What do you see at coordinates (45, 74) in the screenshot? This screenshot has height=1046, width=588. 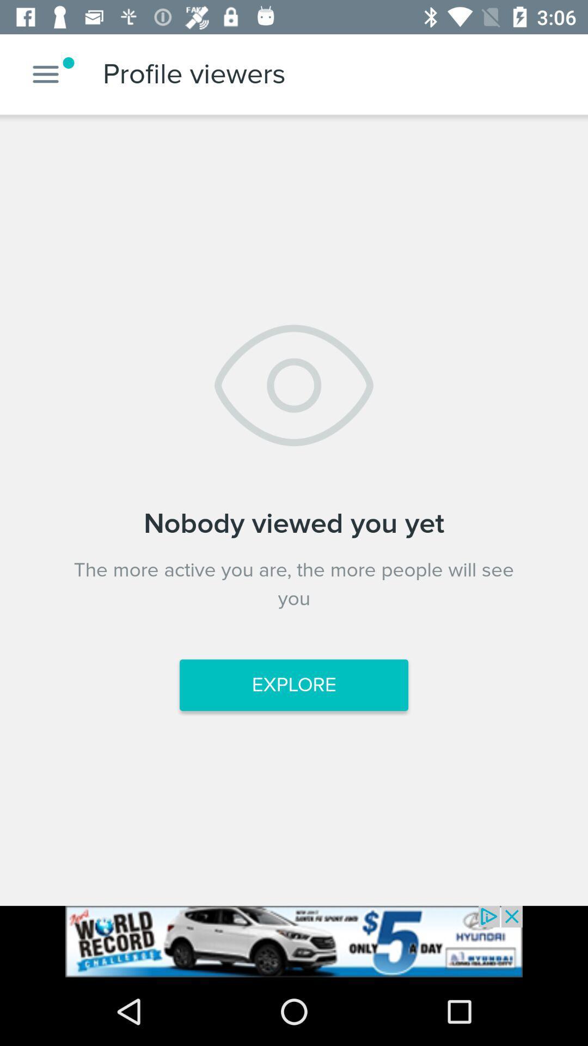 I see `using the homepage` at bounding box center [45, 74].